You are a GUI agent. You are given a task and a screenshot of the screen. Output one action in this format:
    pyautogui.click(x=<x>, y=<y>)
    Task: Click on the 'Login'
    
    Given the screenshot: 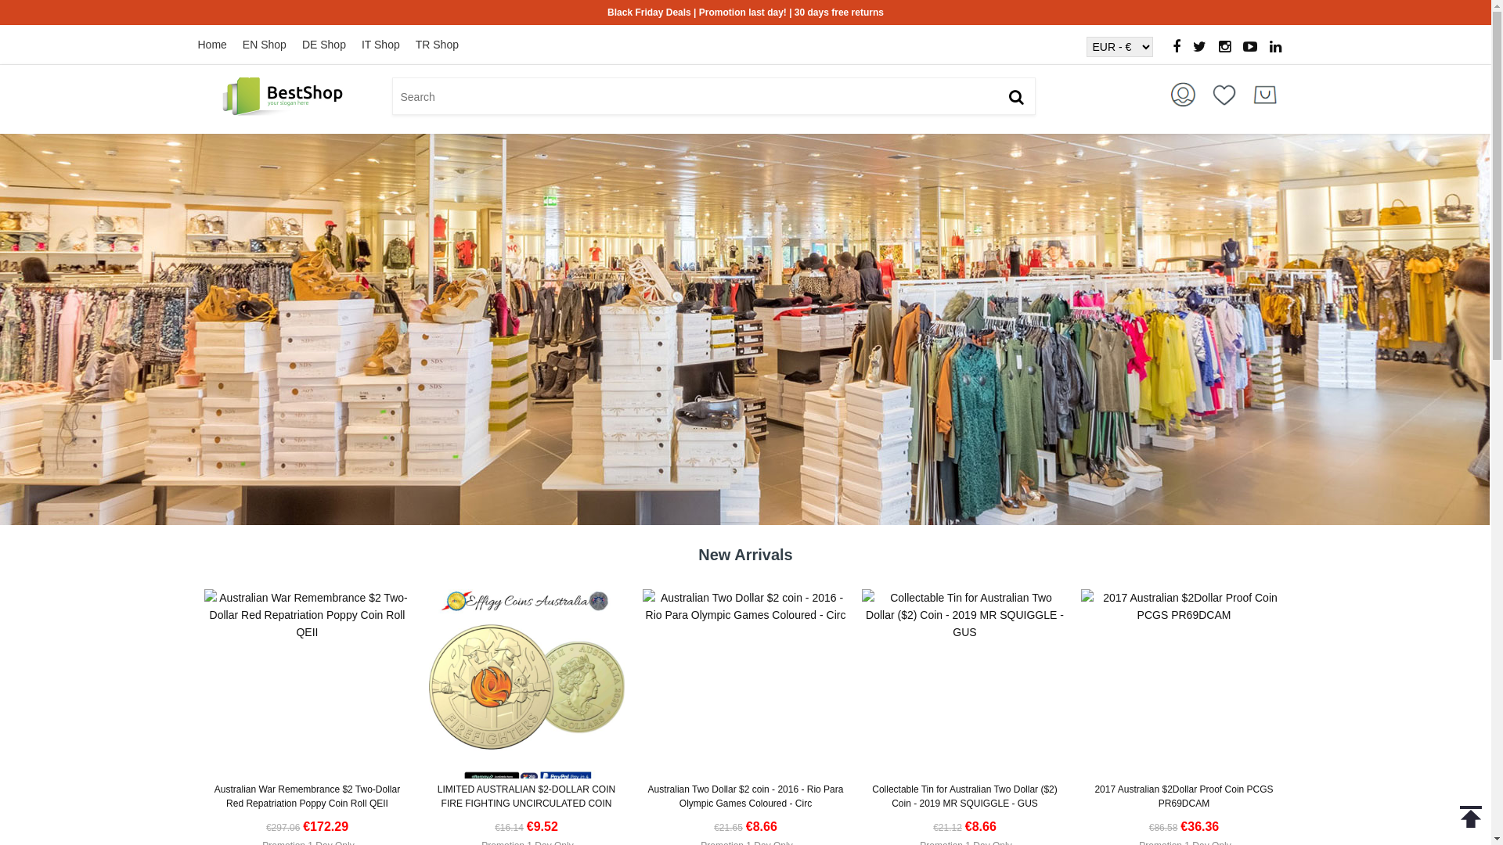 What is the action you would take?
    pyautogui.click(x=1184, y=94)
    